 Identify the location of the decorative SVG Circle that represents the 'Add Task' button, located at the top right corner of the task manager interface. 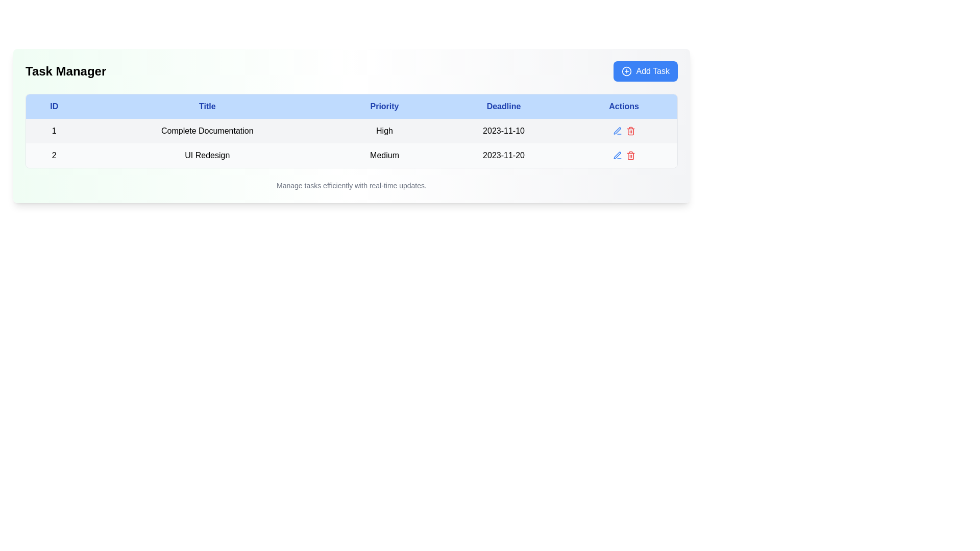
(626, 70).